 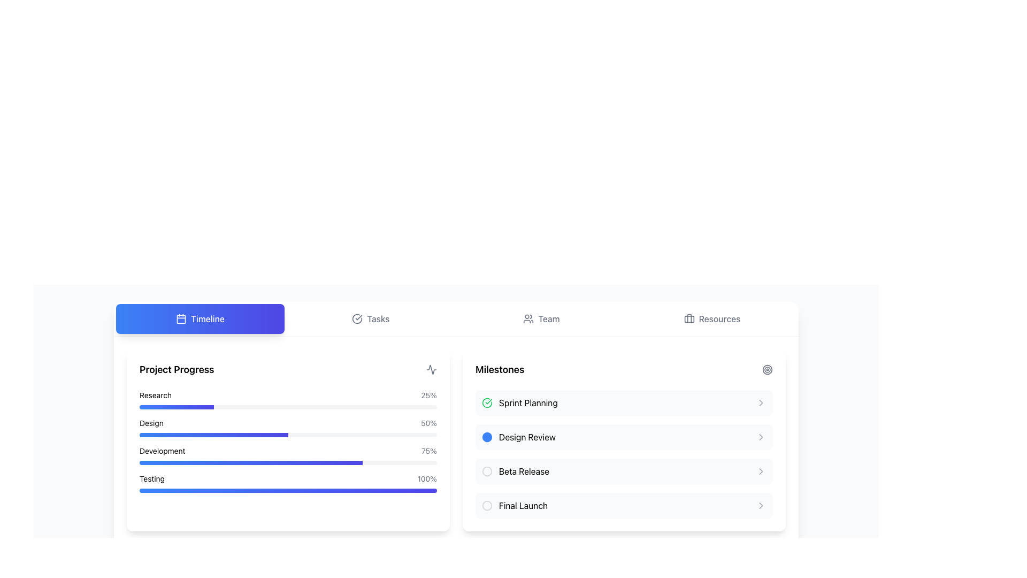 What do you see at coordinates (288, 442) in the screenshot?
I see `the third progress bar under the 'Project Progress' section, which indicates 75% completion of the 'Development' phase` at bounding box center [288, 442].